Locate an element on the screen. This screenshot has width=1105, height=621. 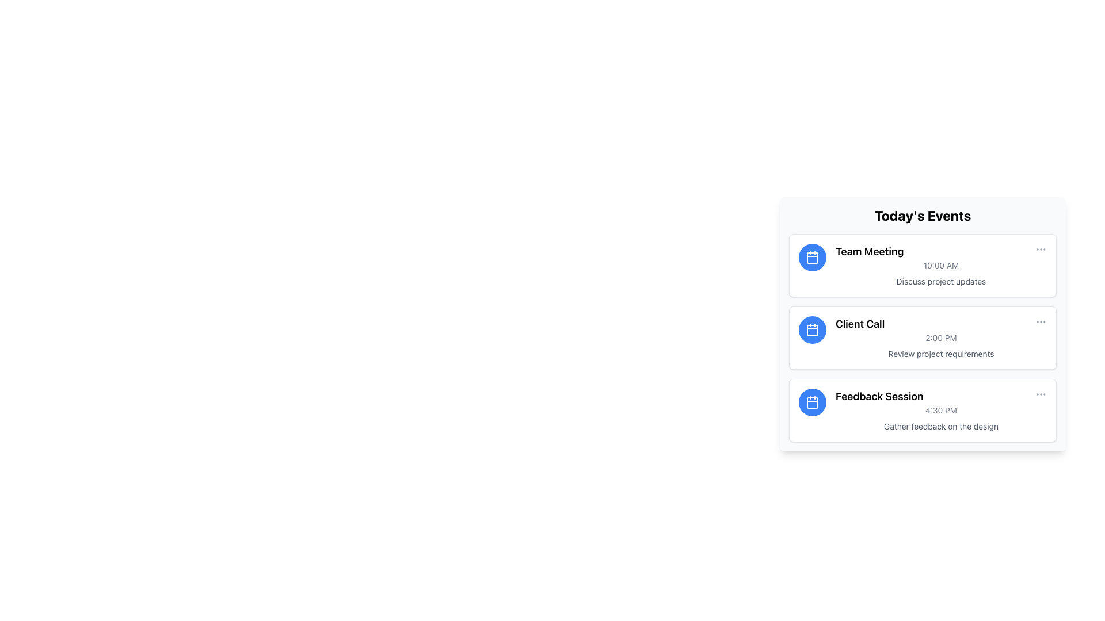
the rectangular shape with rounded corners located centrally within the calendar icon on the left side of the 'Team Meeting' event card is located at coordinates (811, 257).